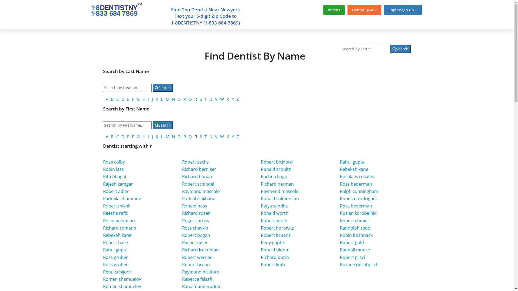  Describe the element at coordinates (195, 220) in the screenshot. I see `'Roger curtiss'` at that location.